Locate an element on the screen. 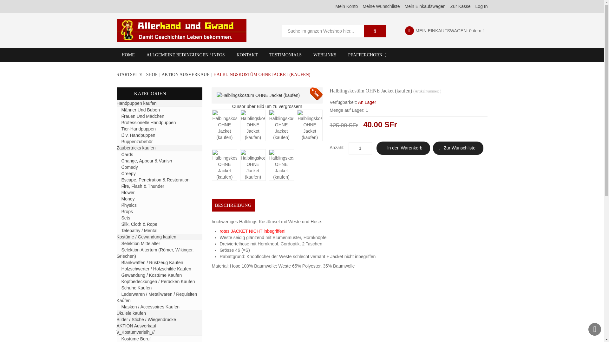  'Div. Handpuppen' is located at coordinates (138, 135).